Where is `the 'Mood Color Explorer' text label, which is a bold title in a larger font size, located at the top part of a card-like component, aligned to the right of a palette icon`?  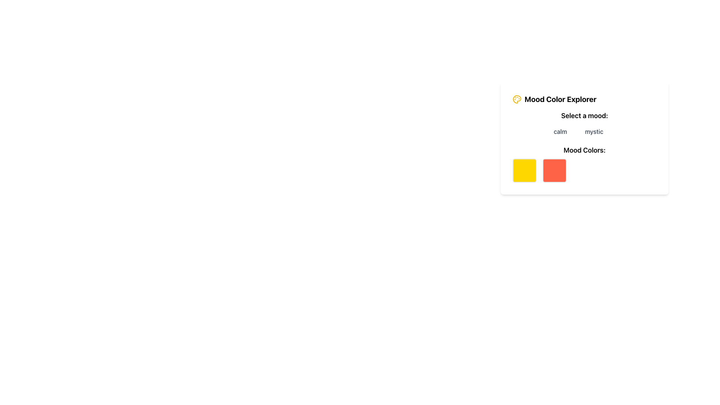
the 'Mood Color Explorer' text label, which is a bold title in a larger font size, located at the top part of a card-like component, aligned to the right of a palette icon is located at coordinates (560, 99).